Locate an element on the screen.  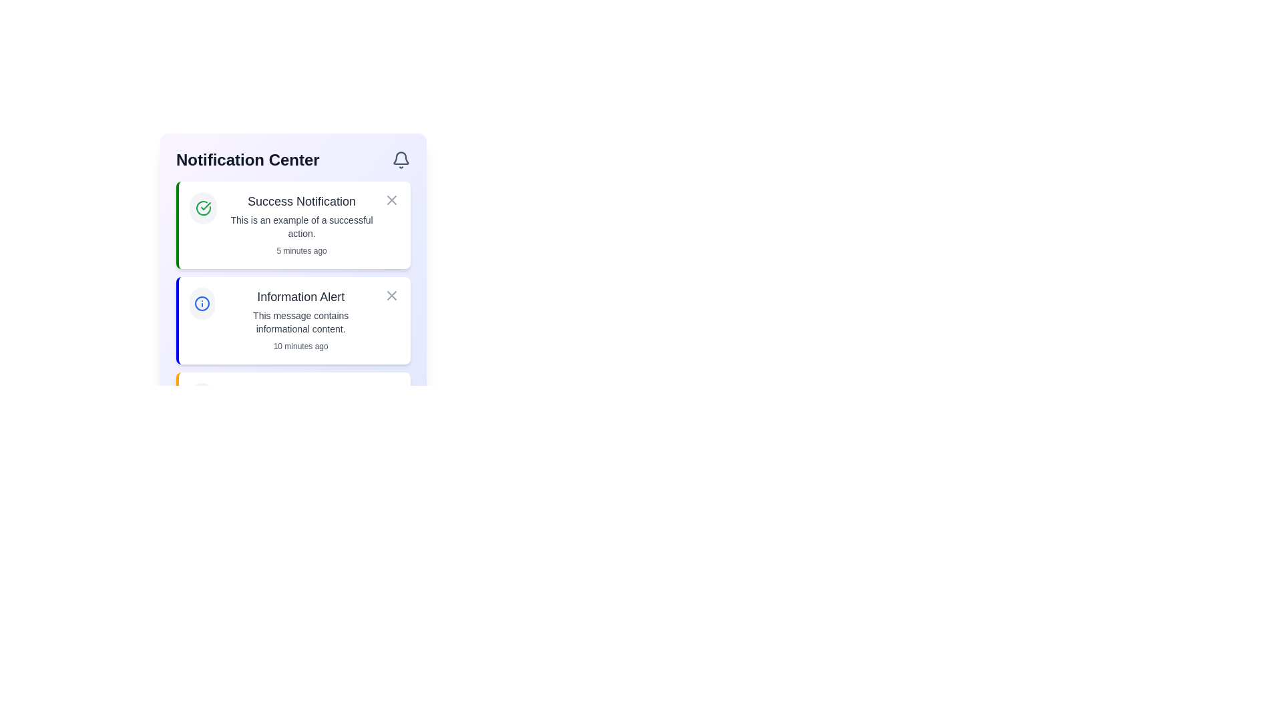
the Header section indicating the Notification Center, which contains a bell icon on the right edge is located at coordinates (292, 159).